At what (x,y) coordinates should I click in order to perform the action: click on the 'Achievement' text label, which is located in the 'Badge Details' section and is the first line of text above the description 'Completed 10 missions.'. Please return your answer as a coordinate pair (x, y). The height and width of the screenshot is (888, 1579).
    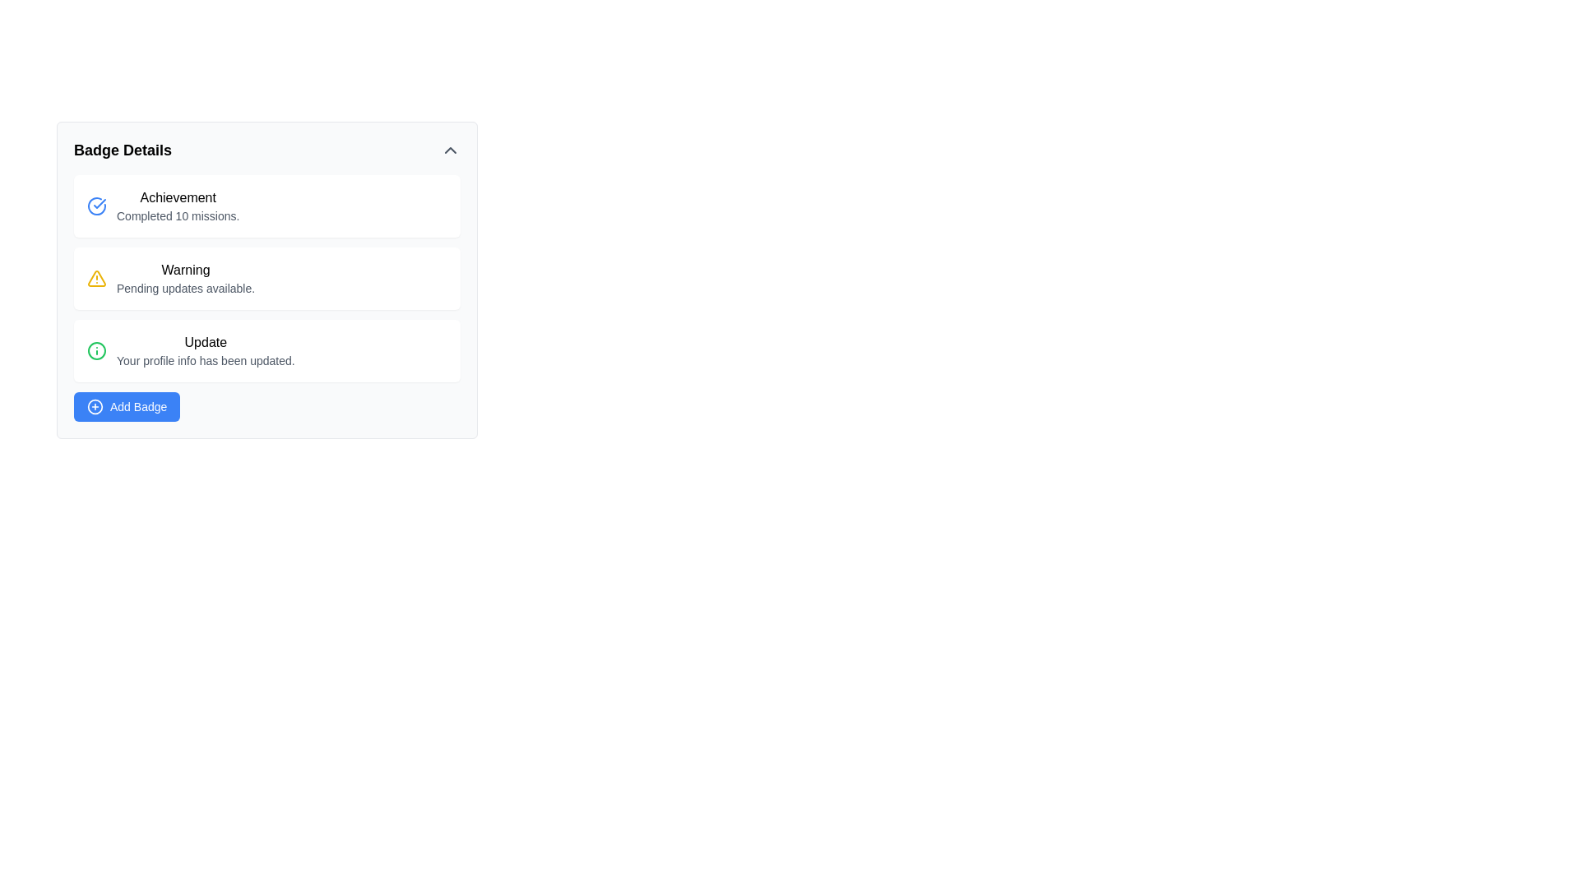
    Looking at the image, I should click on (178, 197).